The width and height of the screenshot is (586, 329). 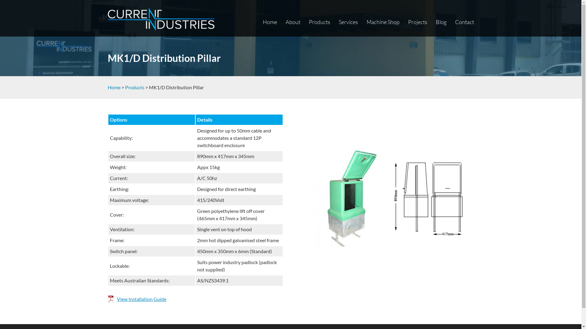 I want to click on 'Contact', so click(x=464, y=22).